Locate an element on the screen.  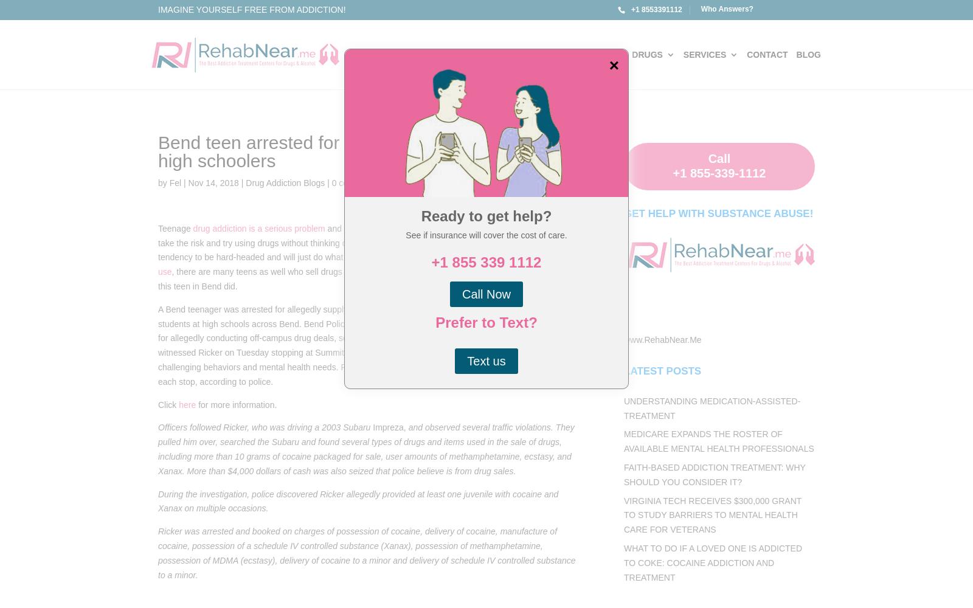
'Alcohol Rehab for Veterans' is located at coordinates (575, 173).